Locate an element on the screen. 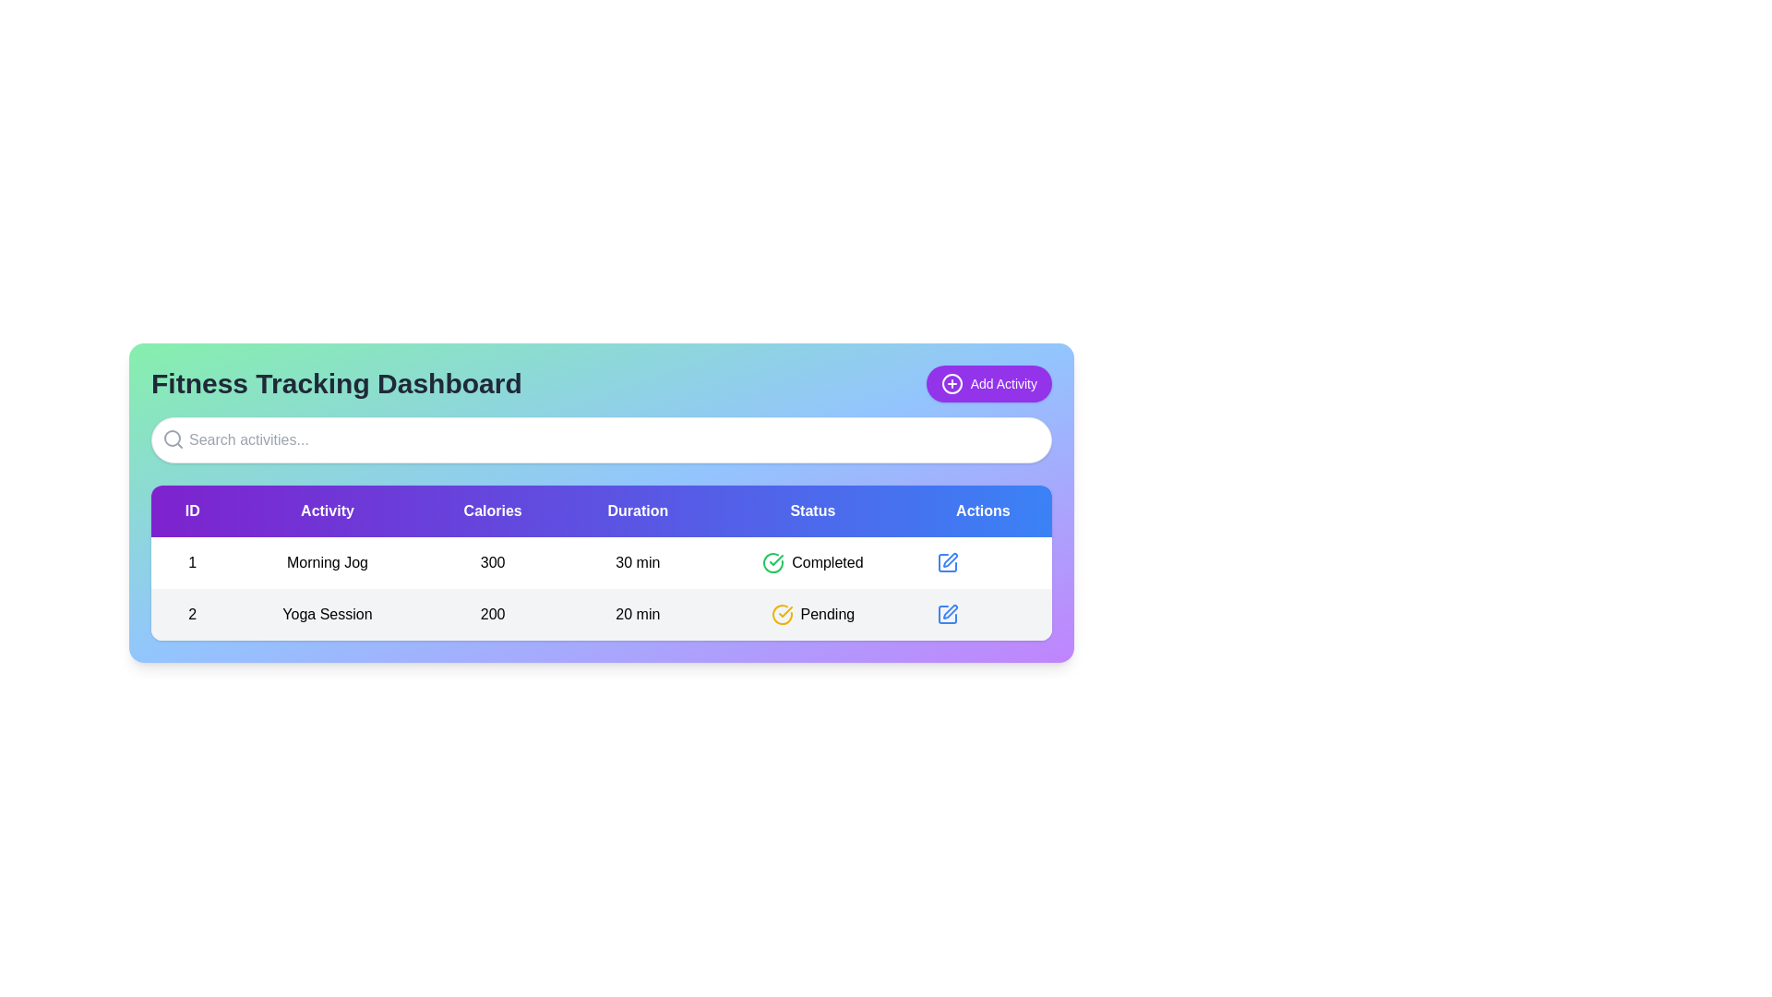 The width and height of the screenshot is (1772, 997). Text label in the second column of the table header row that indicates activities, located between the 'ID' and 'Calories' labels is located at coordinates (328, 511).